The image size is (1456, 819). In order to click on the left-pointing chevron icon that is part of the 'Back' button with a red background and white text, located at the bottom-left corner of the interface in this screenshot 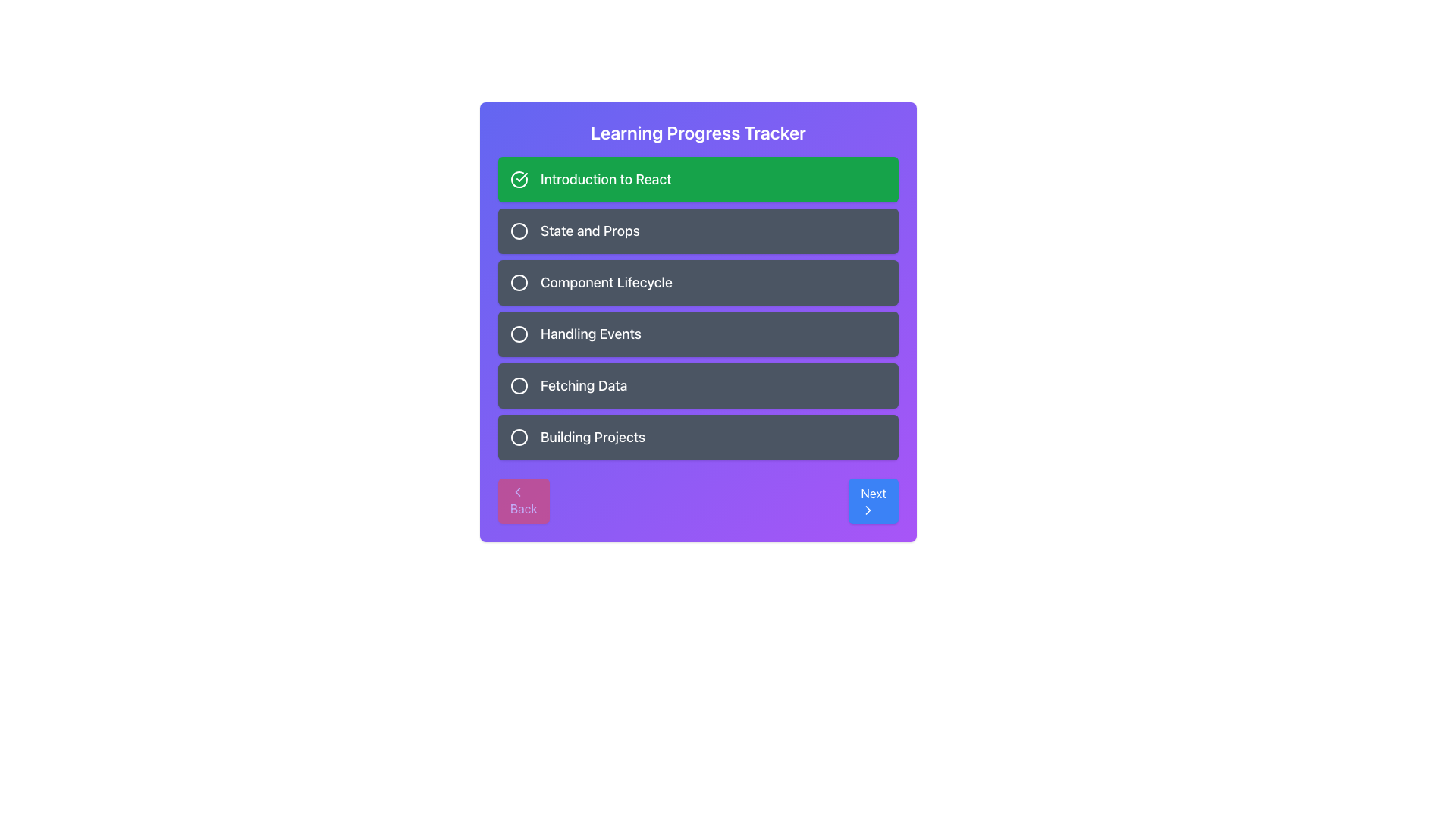, I will do `click(517, 491)`.